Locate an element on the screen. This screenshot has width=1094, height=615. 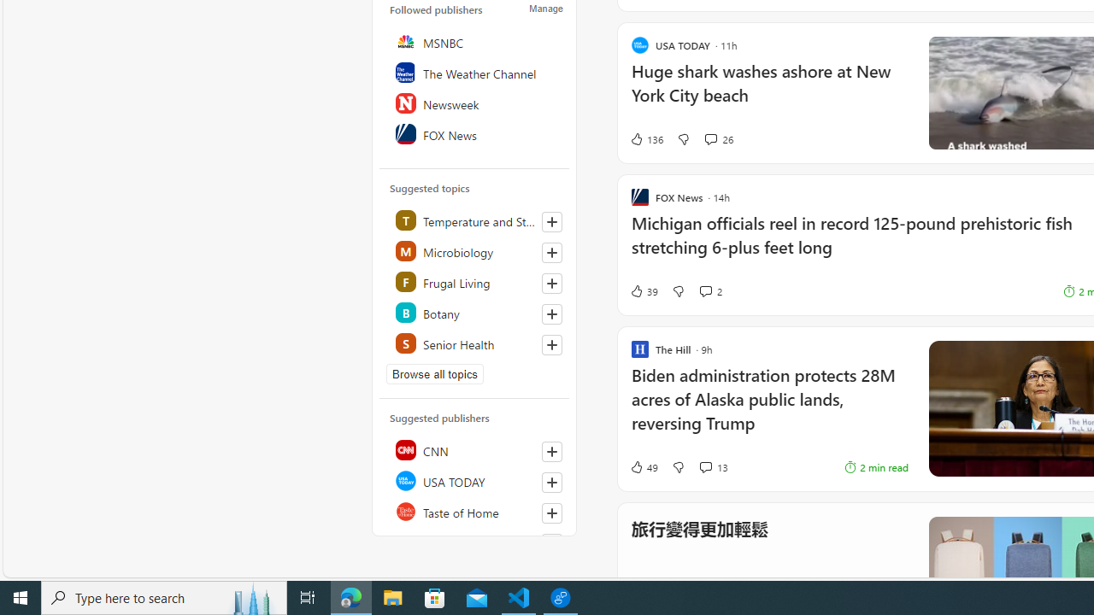
'Manage' is located at coordinates (545, 9).